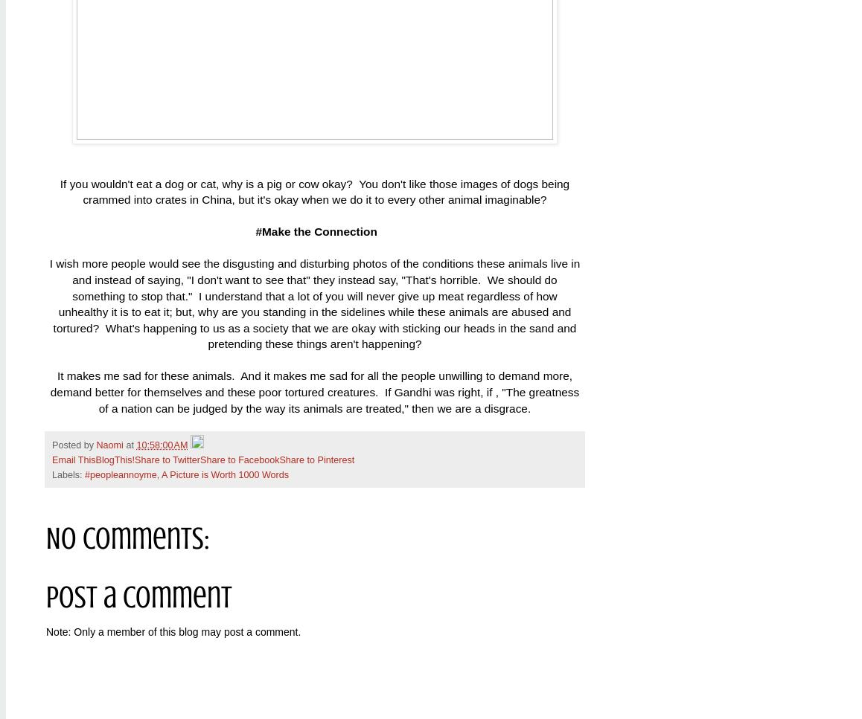 The height and width of the screenshot is (719, 862). Describe the element at coordinates (68, 474) in the screenshot. I see `'Labels:'` at that location.